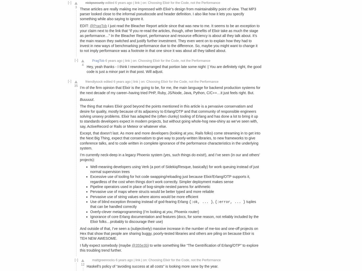 The width and height of the screenshot is (362, 271). What do you see at coordinates (128, 211) in the screenshot?
I see `'Overly-clever metaprogramming (I’m looking at'` at bounding box center [128, 211].